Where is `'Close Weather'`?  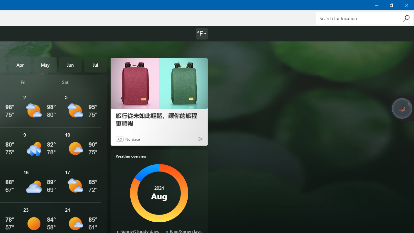 'Close Weather' is located at coordinates (406, 5).